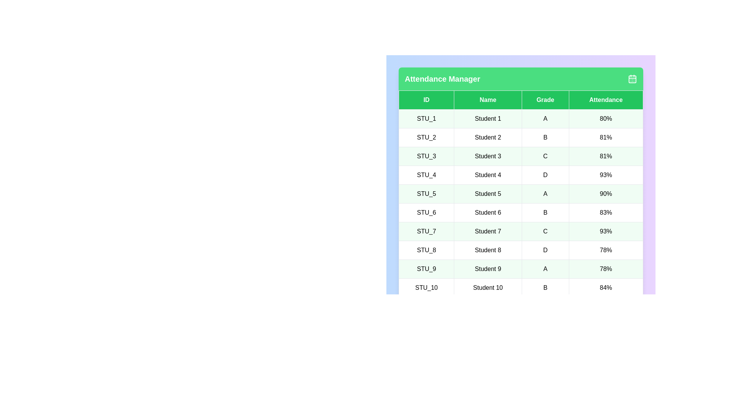 Image resolution: width=736 pixels, height=414 pixels. What do you see at coordinates (632, 79) in the screenshot?
I see `the calendar icon in the header` at bounding box center [632, 79].